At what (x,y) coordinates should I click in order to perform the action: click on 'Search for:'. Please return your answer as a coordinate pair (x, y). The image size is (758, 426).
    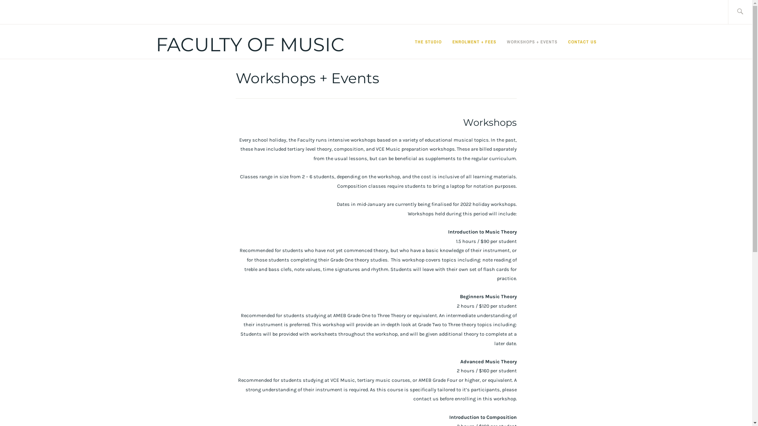
    Looking at the image, I should click on (749, 12).